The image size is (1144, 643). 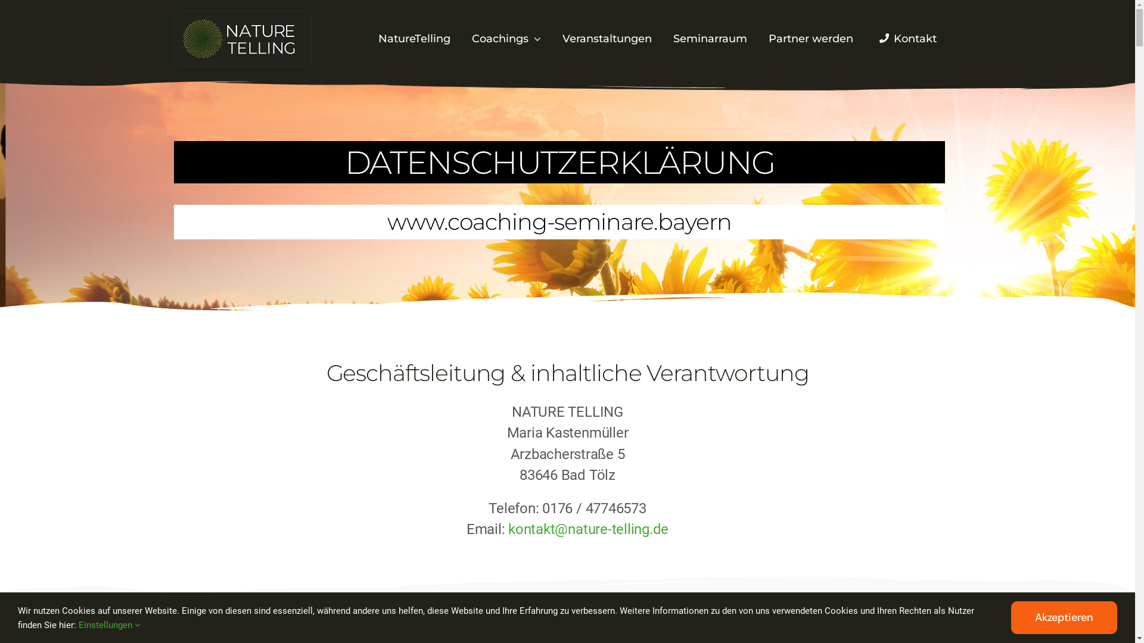 What do you see at coordinates (607, 39) in the screenshot?
I see `'Veranstaltungen'` at bounding box center [607, 39].